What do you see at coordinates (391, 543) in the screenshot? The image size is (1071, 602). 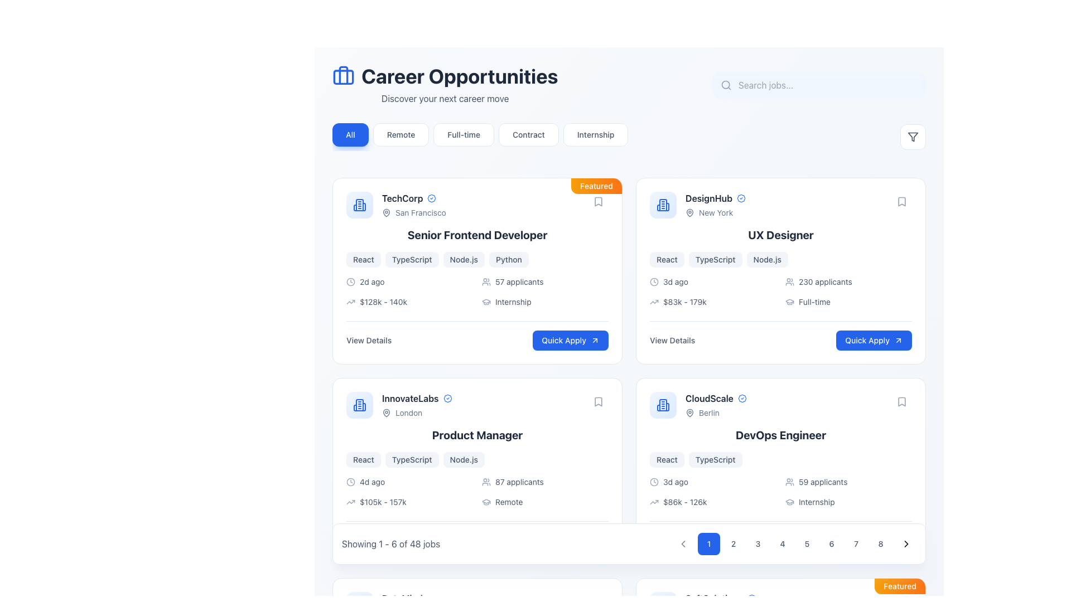 I see `status text element displaying 'Showing 1 - 6 of 48 jobs', located at the bottom left of the pagination controls` at bounding box center [391, 543].